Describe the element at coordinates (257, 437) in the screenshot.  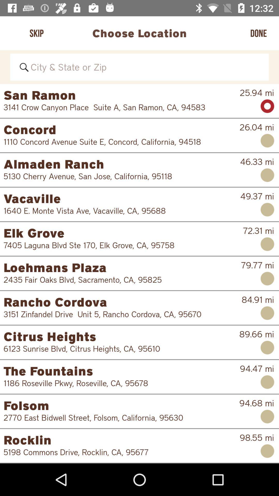
I see `the icon to the right of rocklin` at that location.